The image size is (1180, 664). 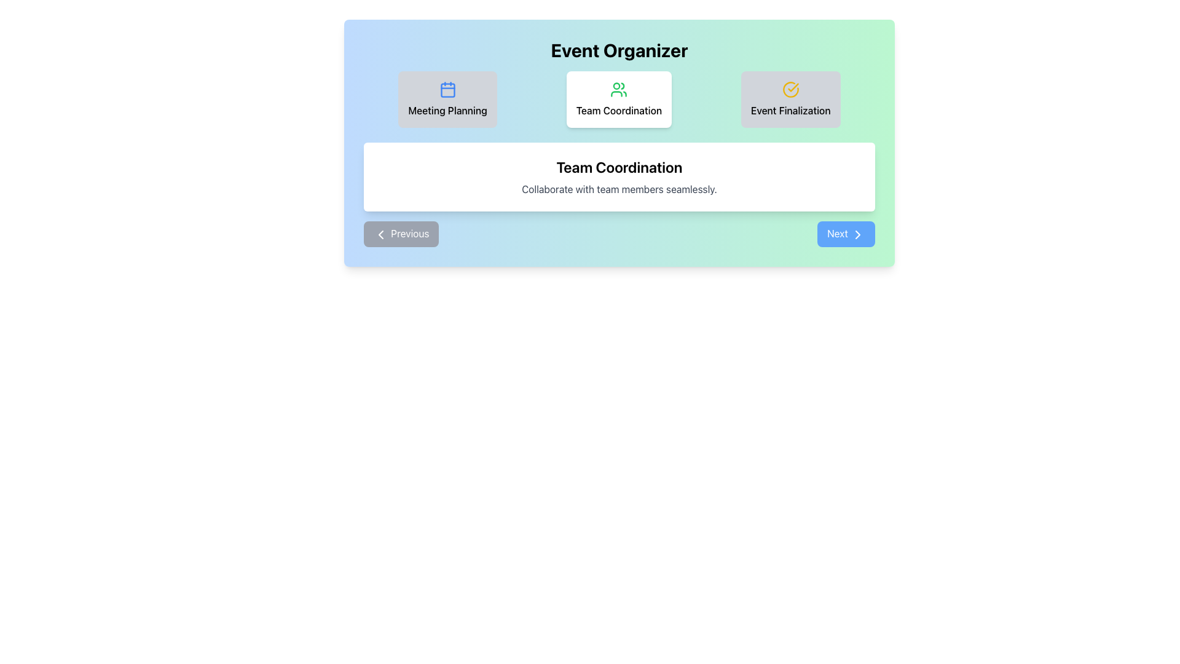 What do you see at coordinates (616, 85) in the screenshot?
I see `the small circular component within the 'Team Coordination' icon that represents a group of people` at bounding box center [616, 85].